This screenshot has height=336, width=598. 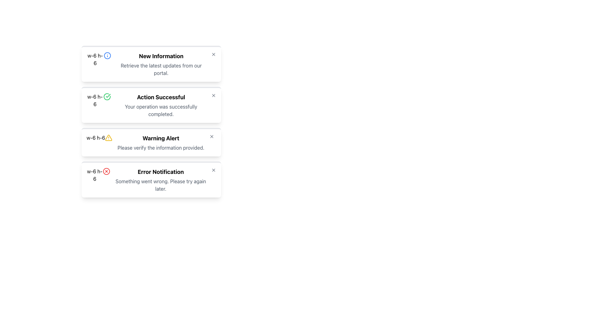 What do you see at coordinates (161, 184) in the screenshot?
I see `message displayed in the text element that says 'Something went wrong. Please try again later.' located beneath the 'Error Notification' title` at bounding box center [161, 184].